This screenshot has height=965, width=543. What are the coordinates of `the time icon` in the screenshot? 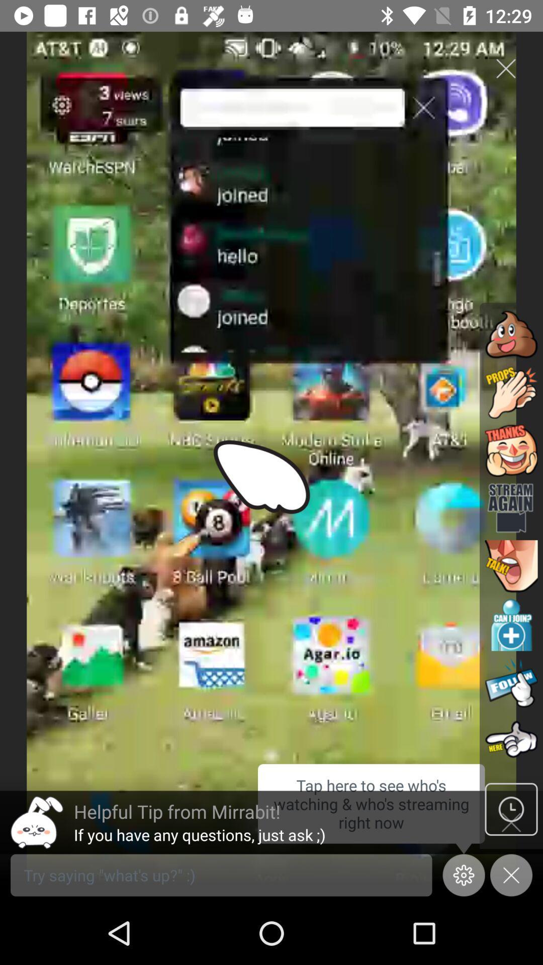 It's located at (511, 809).